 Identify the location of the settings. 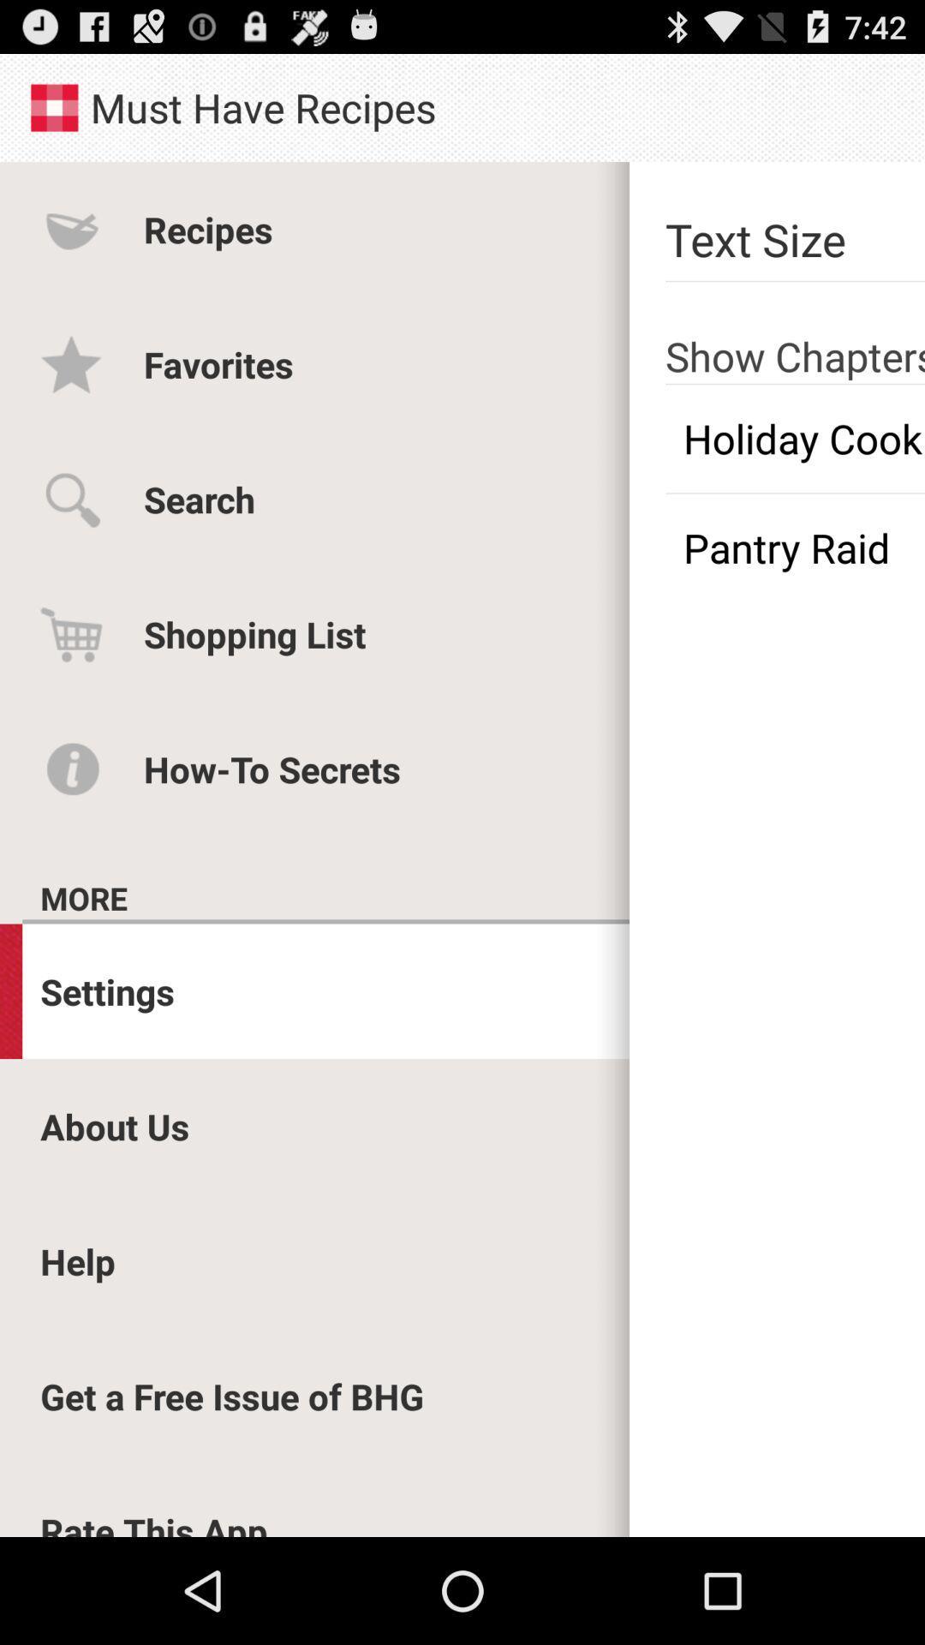
(107, 991).